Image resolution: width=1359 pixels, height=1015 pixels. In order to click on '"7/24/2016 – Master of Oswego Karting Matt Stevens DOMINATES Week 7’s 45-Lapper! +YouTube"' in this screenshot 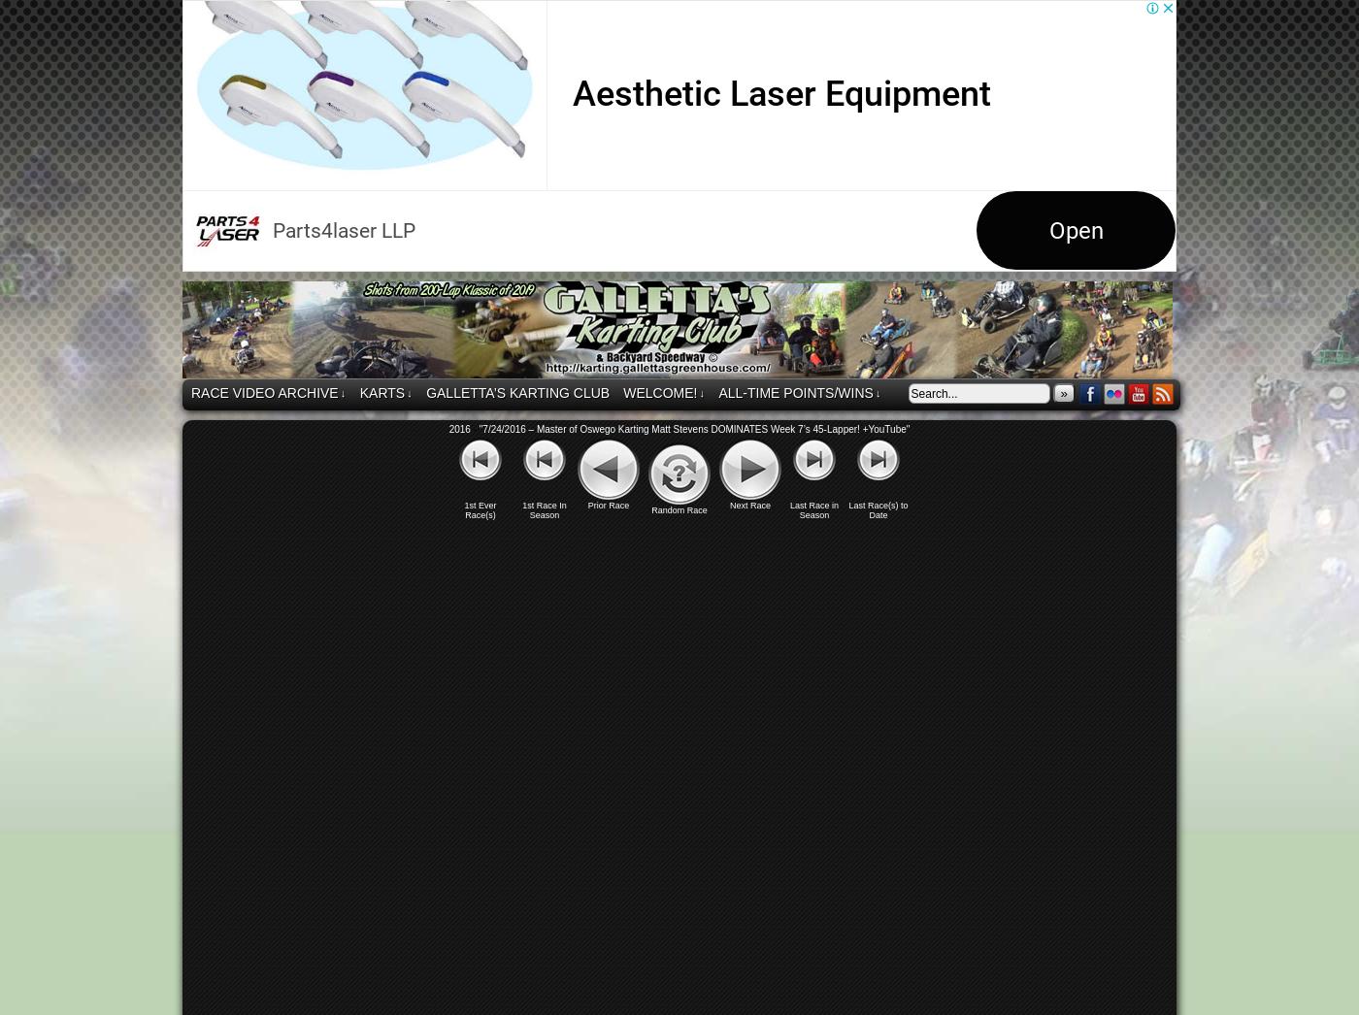, I will do `click(693, 428)`.